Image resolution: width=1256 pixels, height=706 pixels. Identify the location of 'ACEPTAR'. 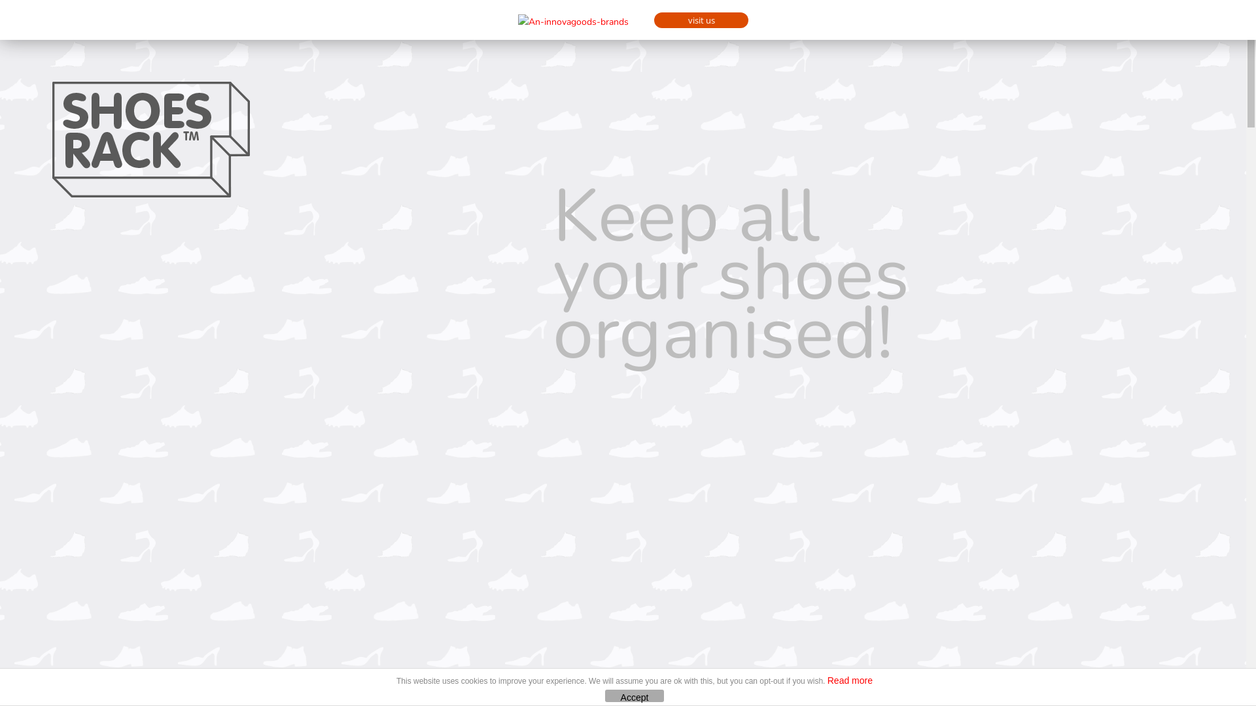
(604, 695).